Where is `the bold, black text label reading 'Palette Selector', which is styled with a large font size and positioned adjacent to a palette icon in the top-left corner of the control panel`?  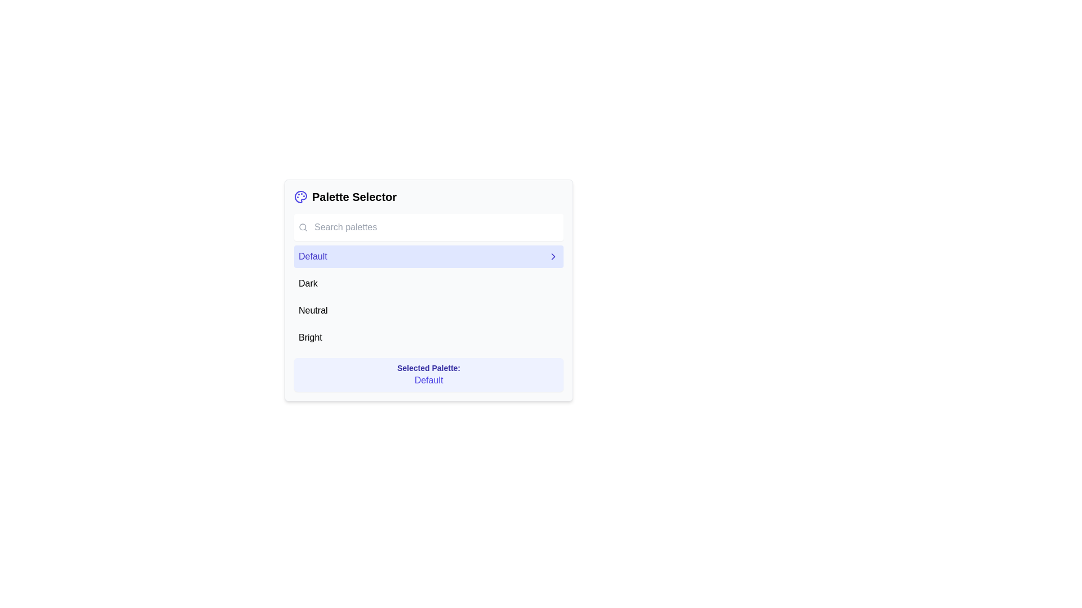 the bold, black text label reading 'Palette Selector', which is styled with a large font size and positioned adjacent to a palette icon in the top-left corner of the control panel is located at coordinates (353, 196).